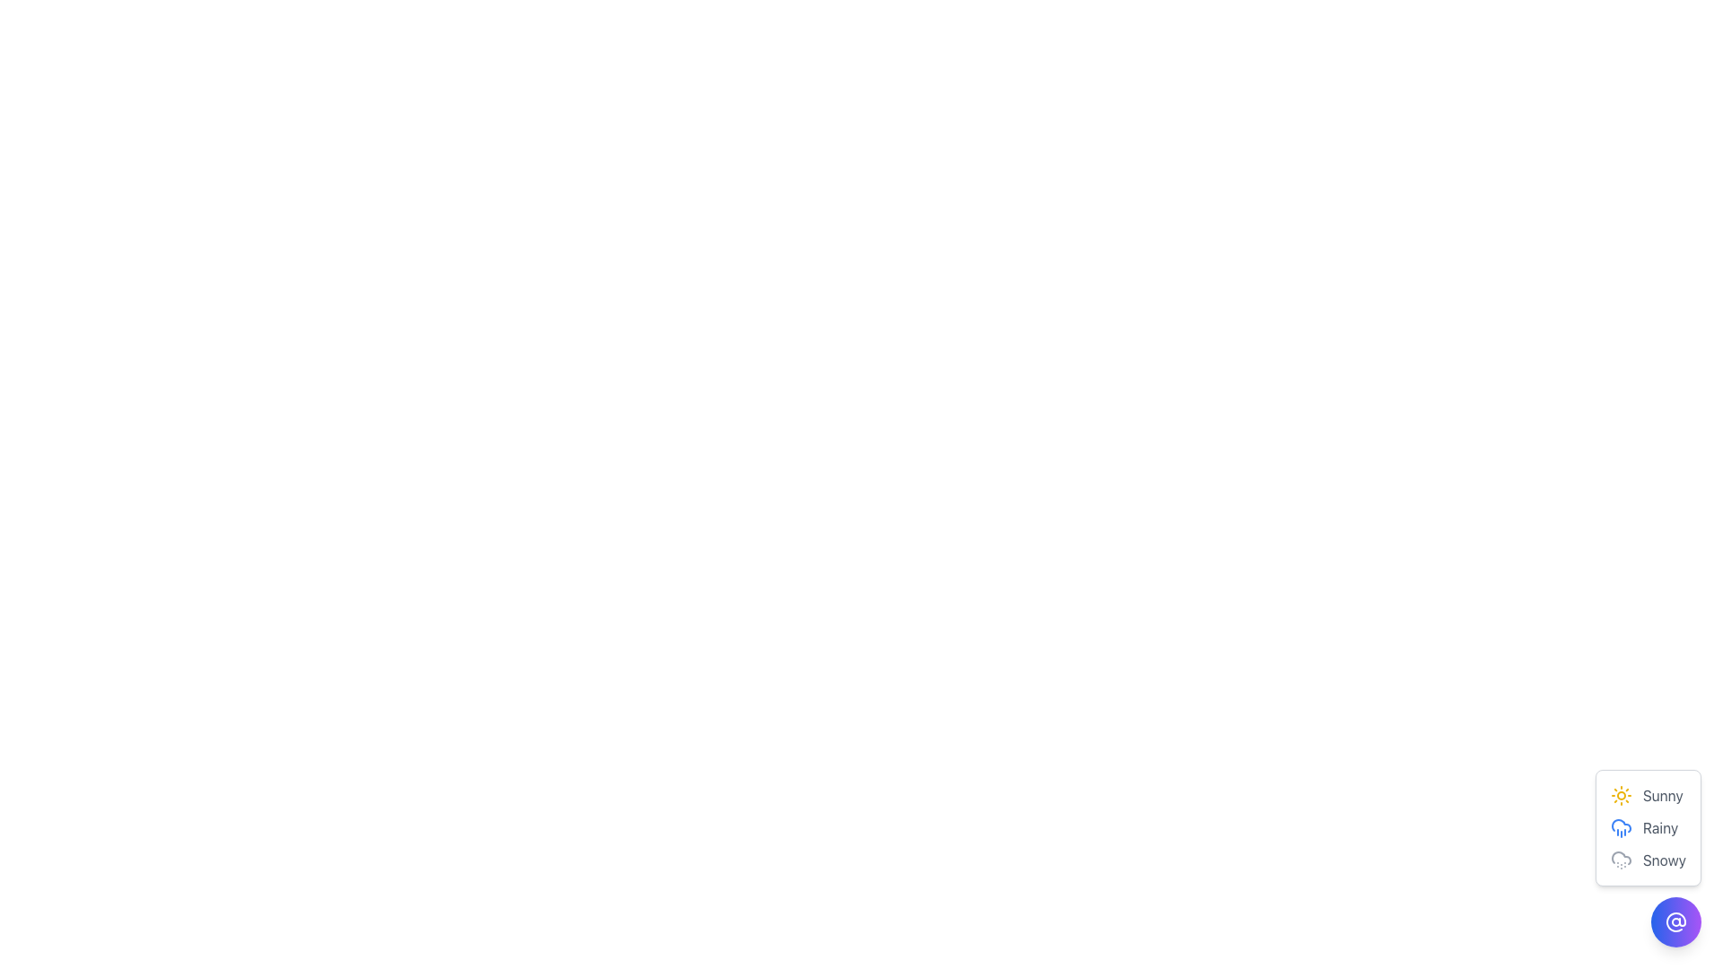 Image resolution: width=1723 pixels, height=969 pixels. Describe the element at coordinates (1621, 795) in the screenshot. I see `the sunny weather icon in the weather selection menu located towards the bottom right corner, which is the first weather indicator in its group` at that location.